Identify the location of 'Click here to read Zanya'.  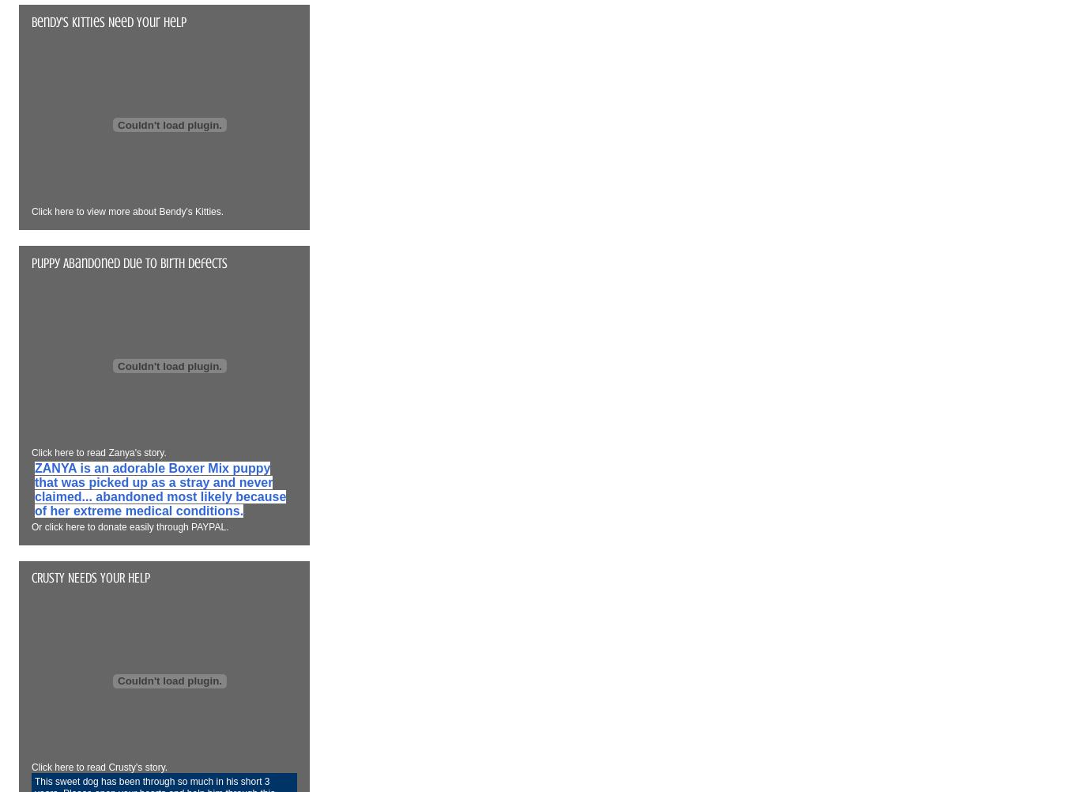
(83, 452).